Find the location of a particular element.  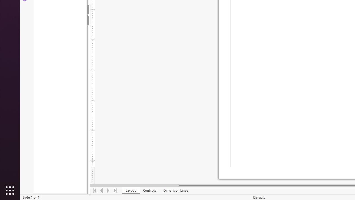

'Move Right' is located at coordinates (108, 190).